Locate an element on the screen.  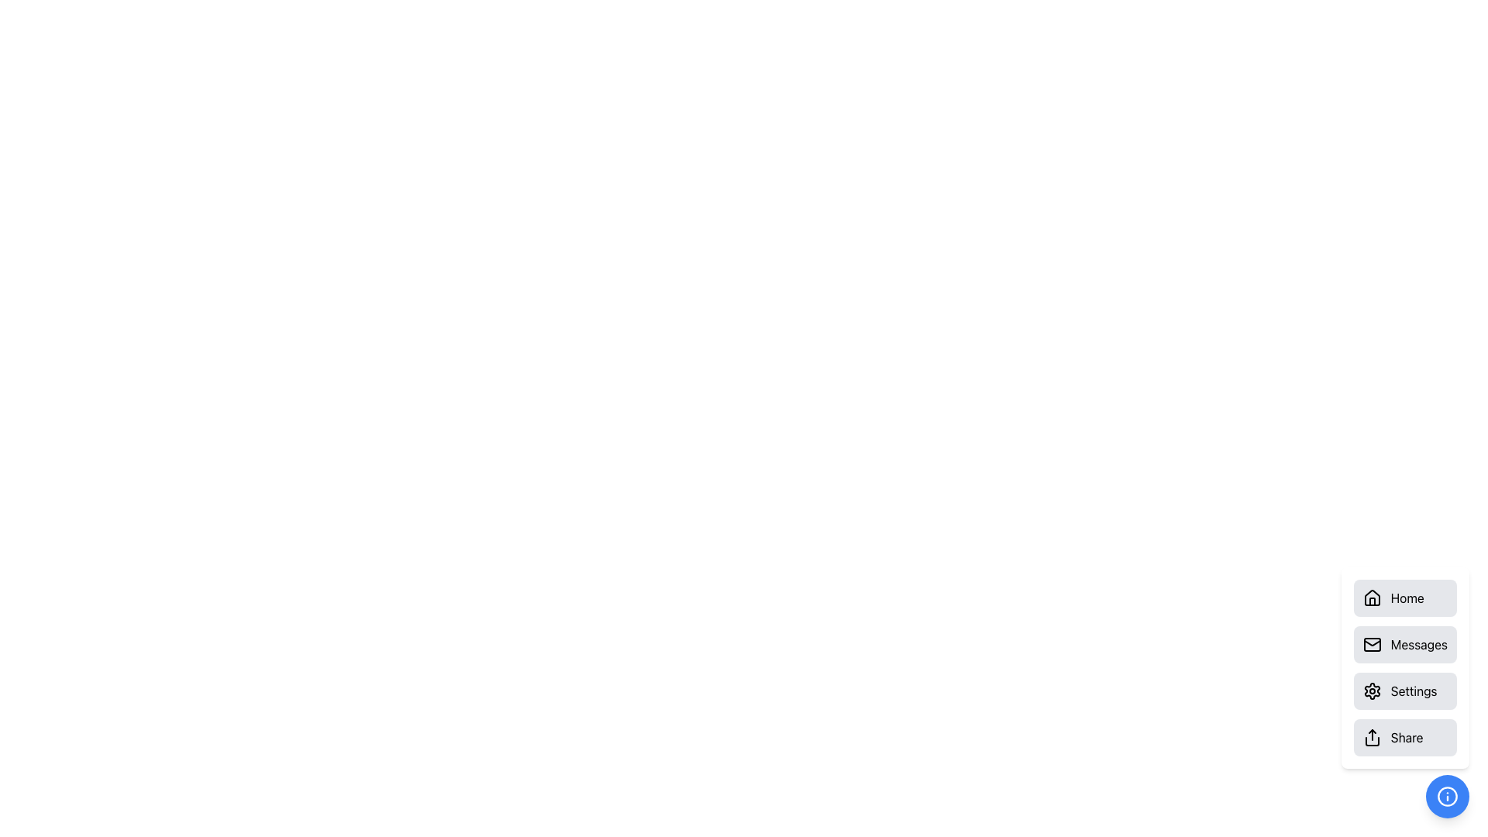
vertical rectangular shape element that represents a door in the house structure icon of the 'Home' button, located at the bottom-center of the icon is located at coordinates (1372, 601).